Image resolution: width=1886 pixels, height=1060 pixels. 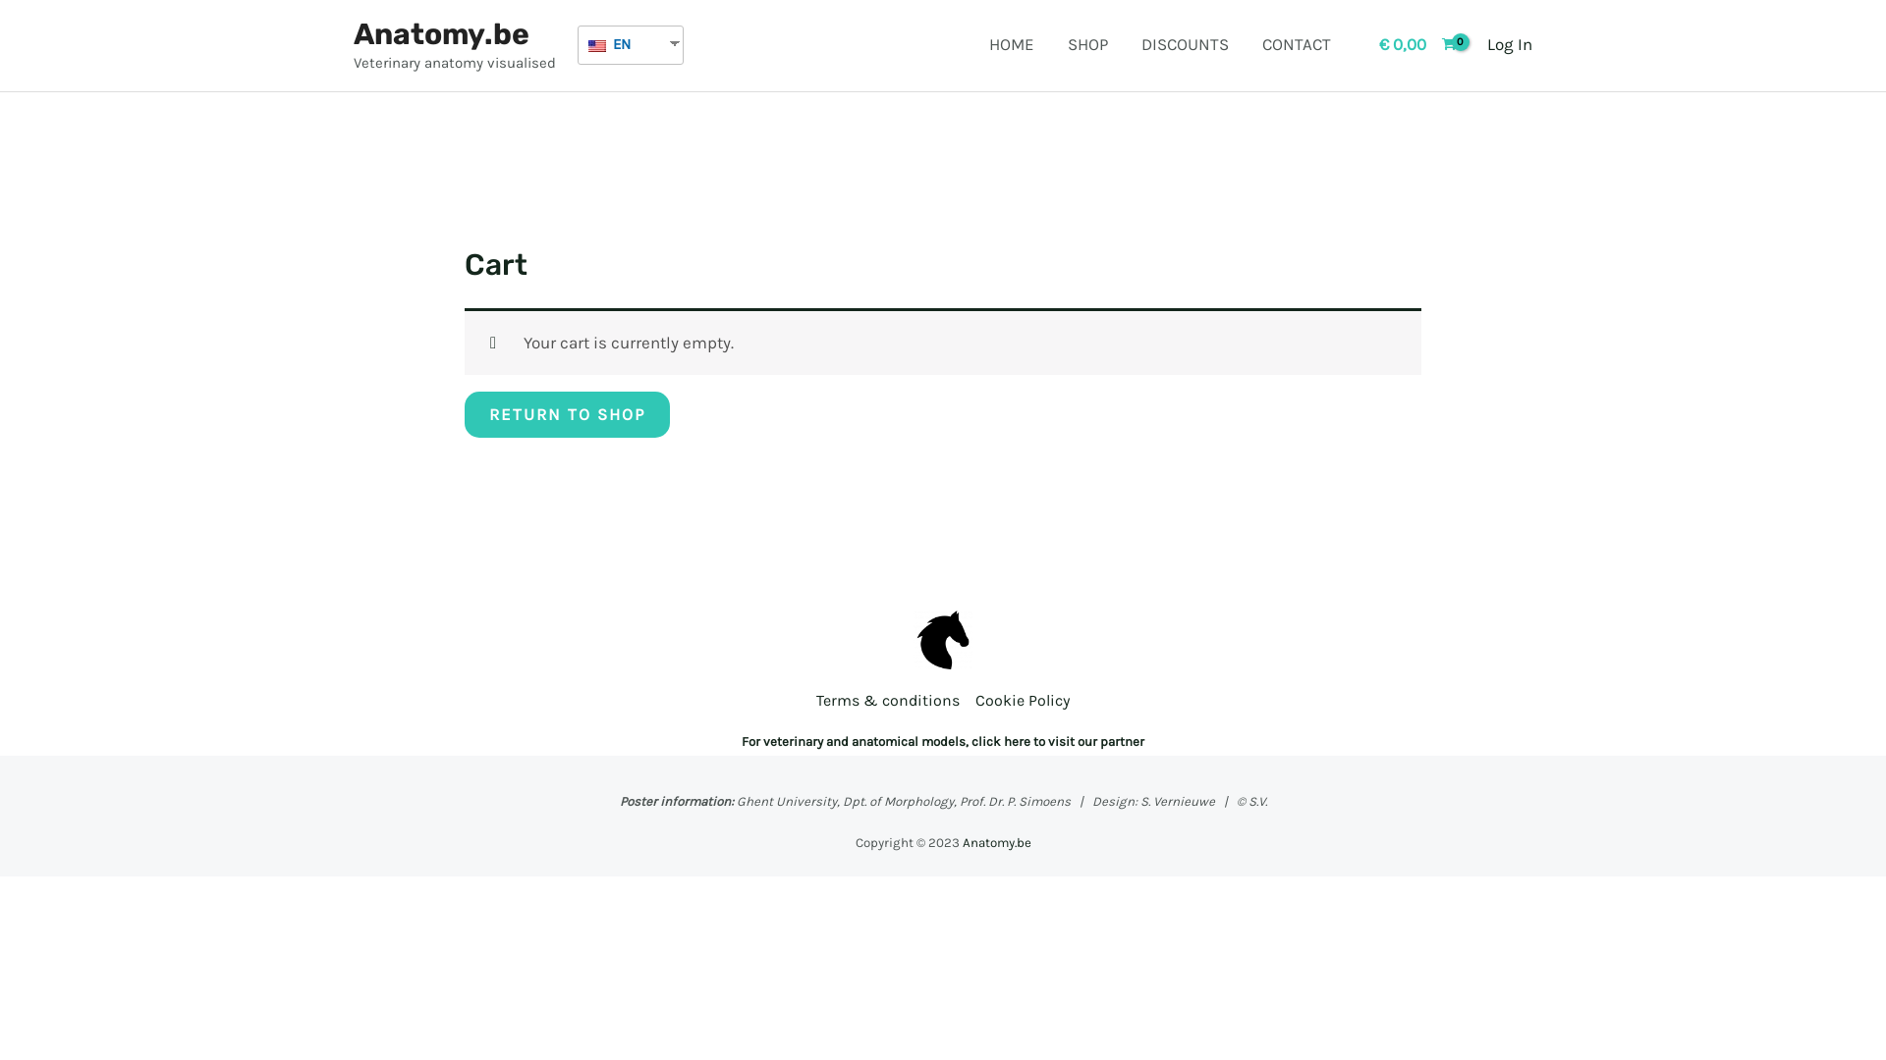 I want to click on 'DISCOUNTS', so click(x=1123, y=44).